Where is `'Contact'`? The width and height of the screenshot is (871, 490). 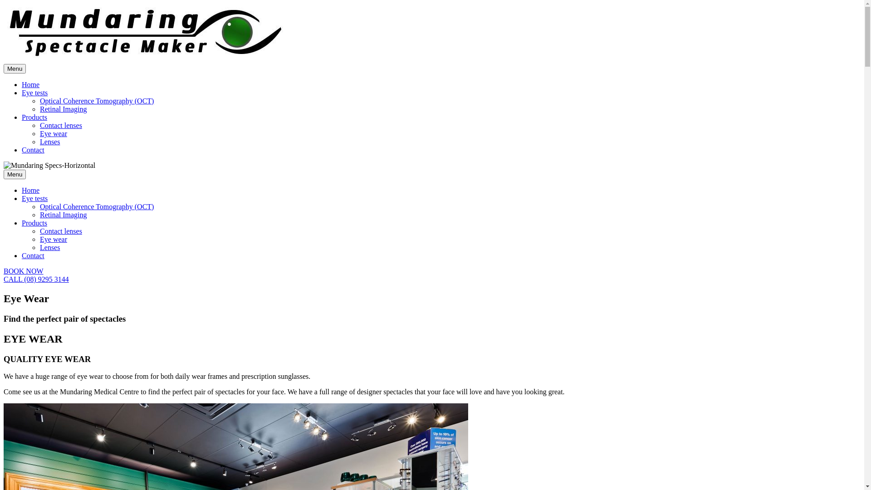
'Contact' is located at coordinates (33, 149).